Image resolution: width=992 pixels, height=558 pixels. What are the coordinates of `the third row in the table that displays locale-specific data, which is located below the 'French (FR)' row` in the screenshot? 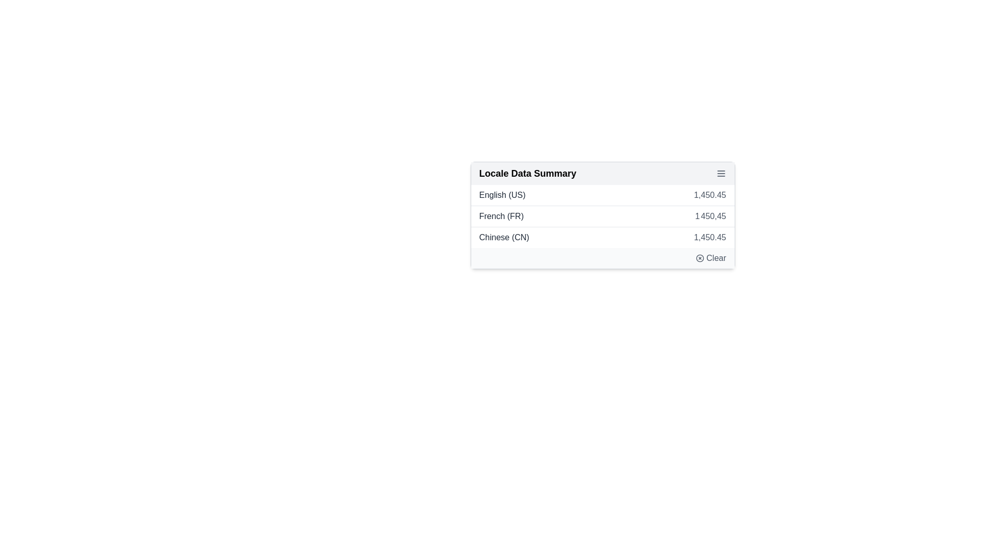 It's located at (602, 237).